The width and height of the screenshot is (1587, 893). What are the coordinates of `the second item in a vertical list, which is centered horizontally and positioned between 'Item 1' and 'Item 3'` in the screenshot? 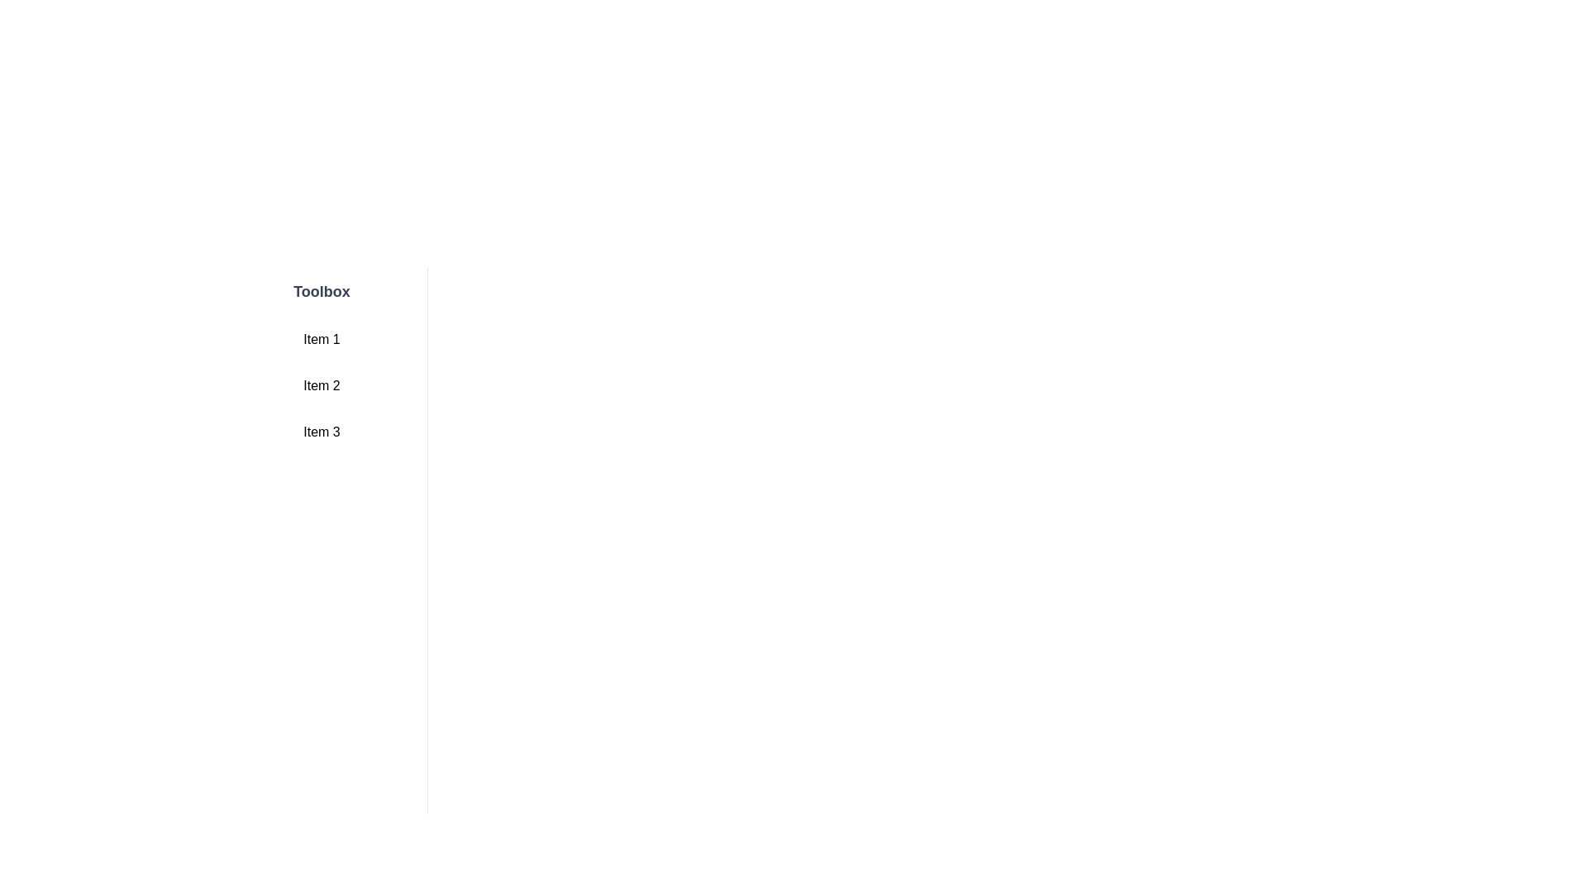 It's located at (322, 385).